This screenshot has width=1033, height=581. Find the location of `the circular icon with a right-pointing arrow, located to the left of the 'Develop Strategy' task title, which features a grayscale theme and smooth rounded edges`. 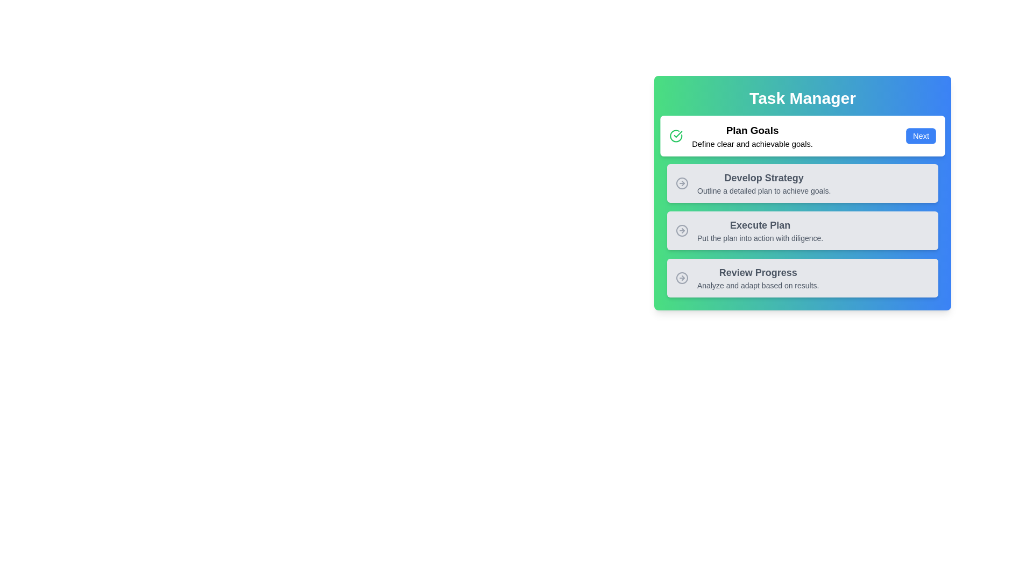

the circular icon with a right-pointing arrow, located to the left of the 'Develop Strategy' task title, which features a grayscale theme and smooth rounded edges is located at coordinates (681, 182).